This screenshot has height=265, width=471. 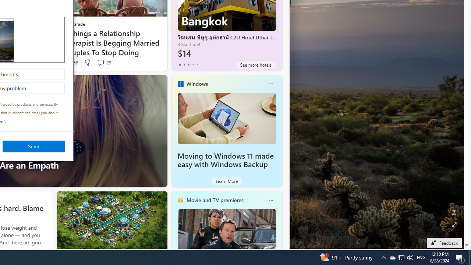 What do you see at coordinates (470, 257) in the screenshot?
I see `'Show desktop'` at bounding box center [470, 257].